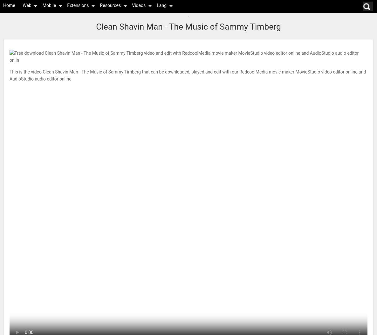 Image resolution: width=377 pixels, height=335 pixels. Describe the element at coordinates (27, 5) in the screenshot. I see `'Web'` at that location.